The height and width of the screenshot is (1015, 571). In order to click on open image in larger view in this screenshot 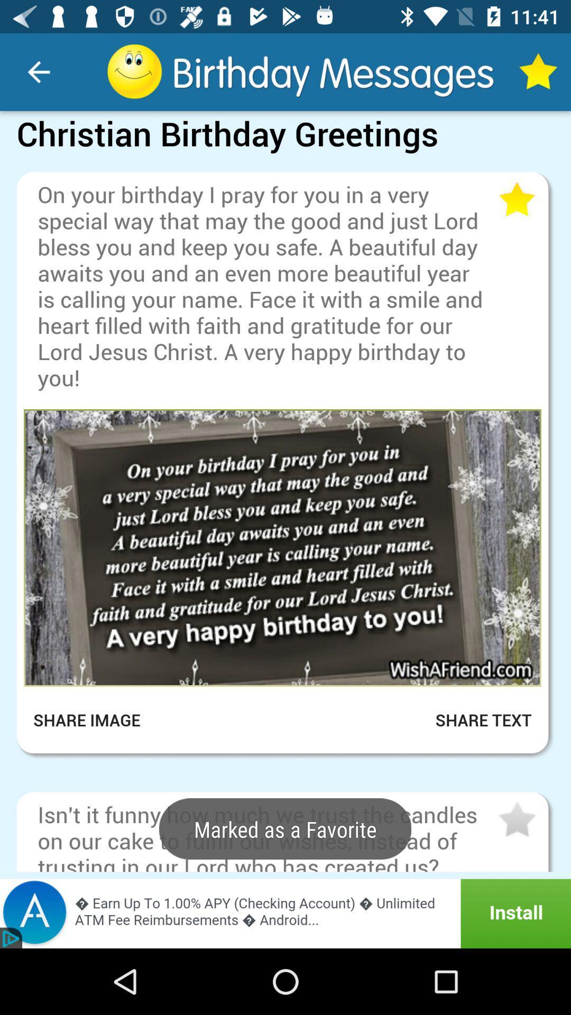, I will do `click(282, 548)`.